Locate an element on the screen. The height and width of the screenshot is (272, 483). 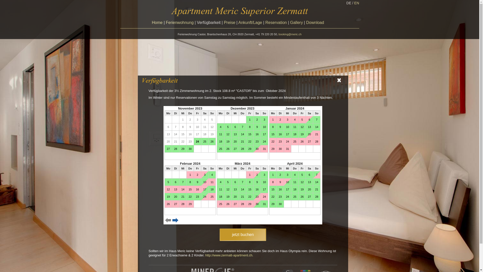
'DE' is located at coordinates (346, 3).